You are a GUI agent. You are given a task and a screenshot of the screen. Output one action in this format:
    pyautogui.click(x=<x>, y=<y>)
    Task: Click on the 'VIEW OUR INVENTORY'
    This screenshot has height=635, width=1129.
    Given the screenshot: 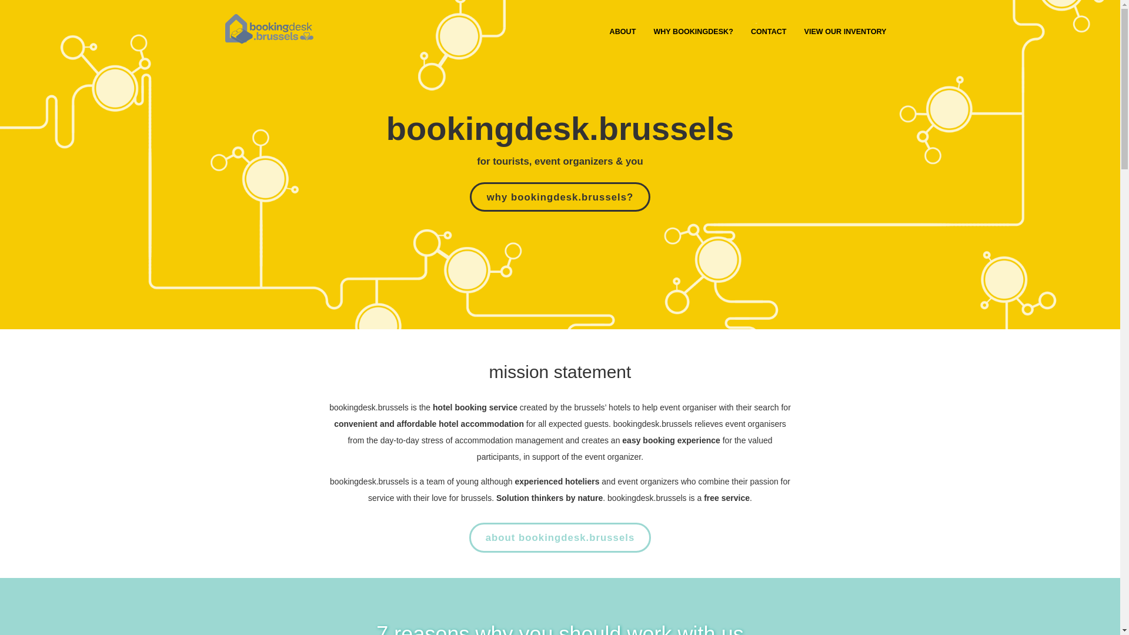 What is the action you would take?
    pyautogui.click(x=796, y=31)
    